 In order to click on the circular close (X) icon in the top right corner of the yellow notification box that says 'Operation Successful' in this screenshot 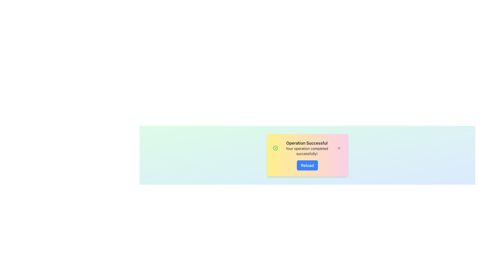, I will do `click(339, 148)`.